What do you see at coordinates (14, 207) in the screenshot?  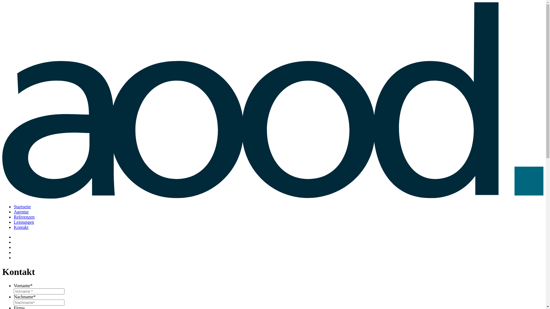 I see `'Startseite'` at bounding box center [14, 207].